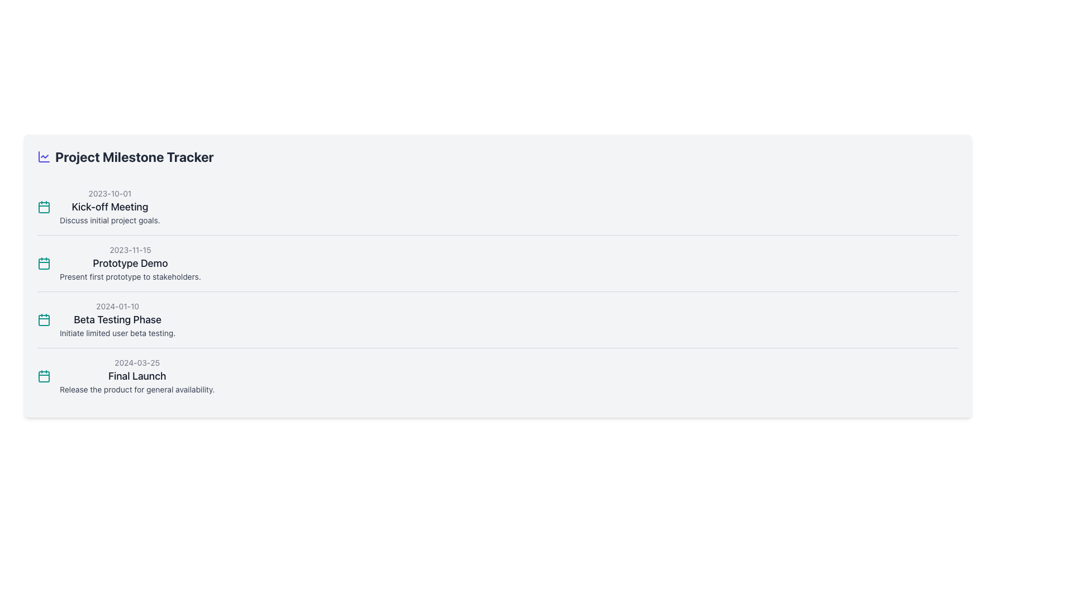 This screenshot has height=603, width=1073. What do you see at coordinates (44, 157) in the screenshot?
I see `the indigo line graph icon, which is positioned to the left of the 'Project Milestone Tracker' text in the header section` at bounding box center [44, 157].